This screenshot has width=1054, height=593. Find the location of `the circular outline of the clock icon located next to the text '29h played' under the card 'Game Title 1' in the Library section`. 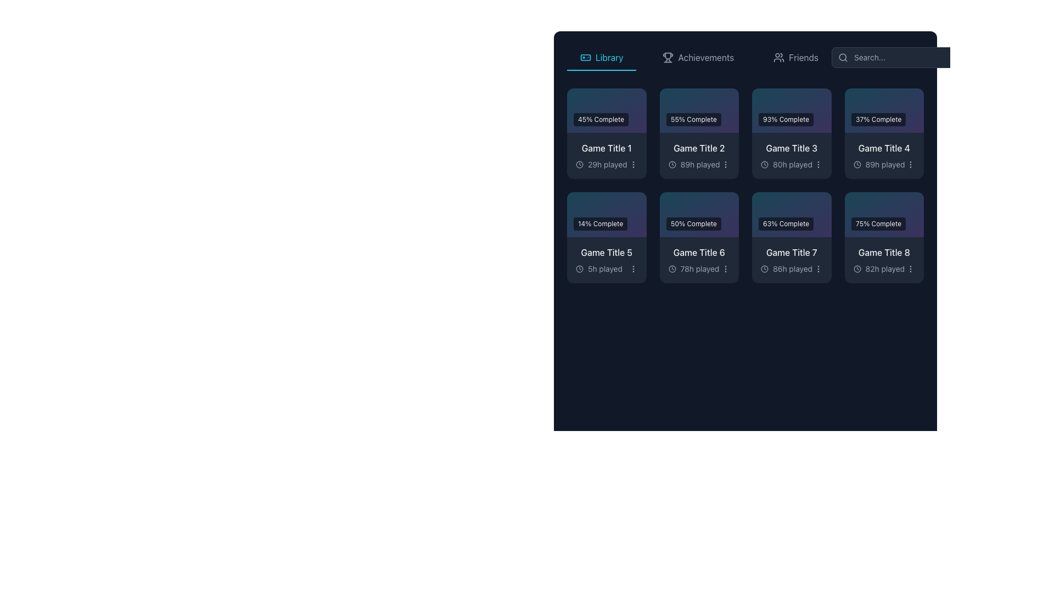

the circular outline of the clock icon located next to the text '29h played' under the card 'Game Title 1' in the Library section is located at coordinates (579, 165).